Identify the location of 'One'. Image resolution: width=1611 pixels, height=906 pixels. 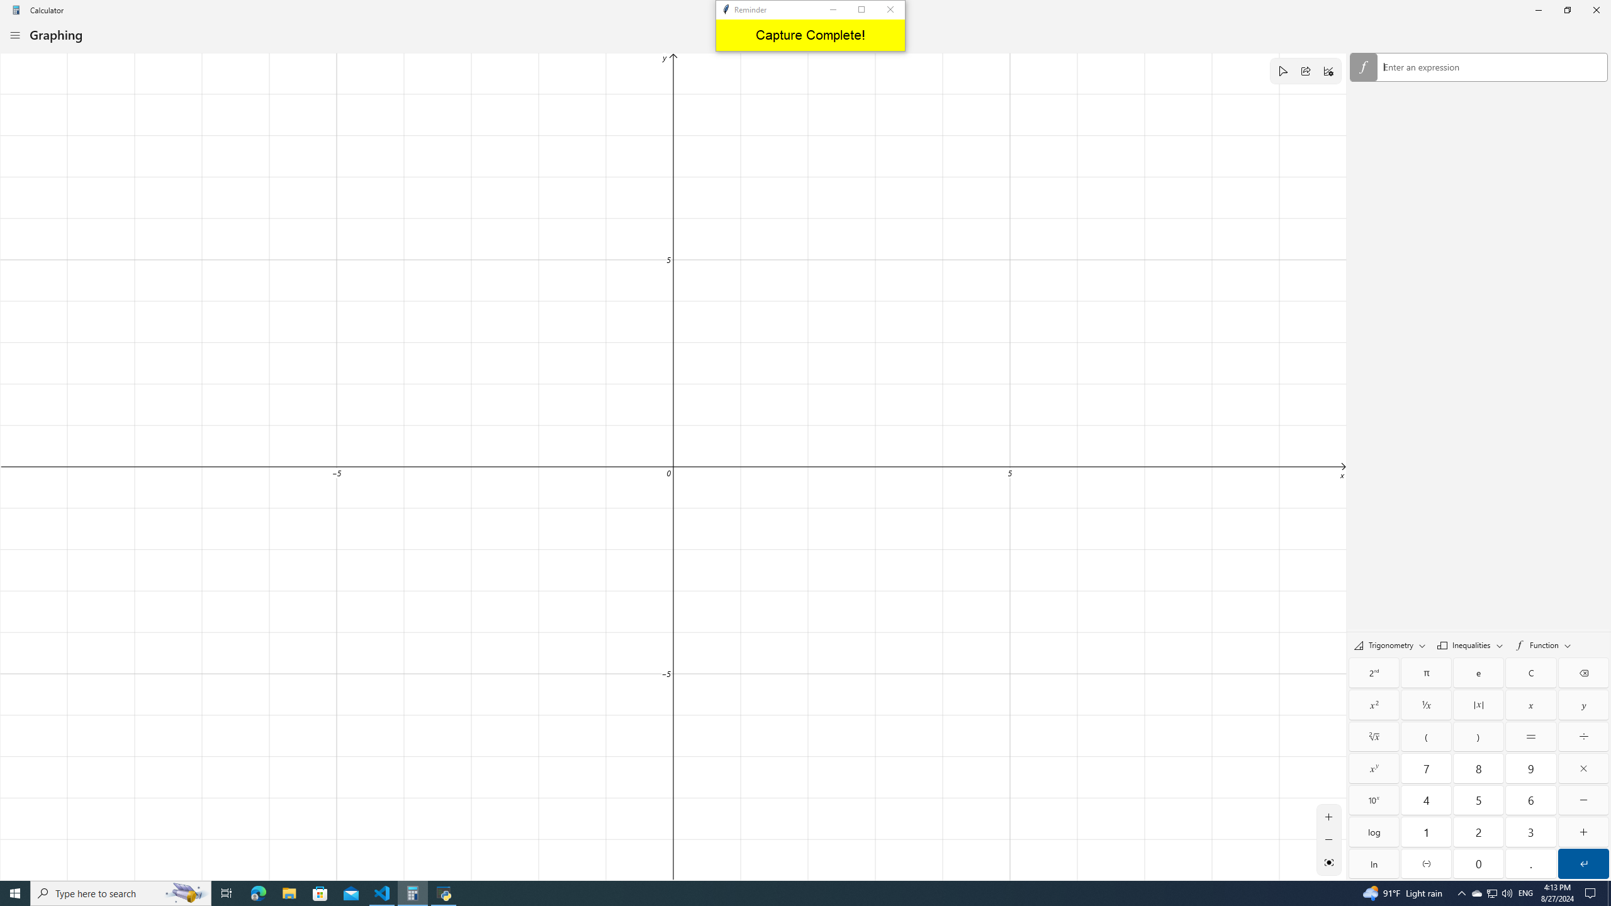
(1426, 831).